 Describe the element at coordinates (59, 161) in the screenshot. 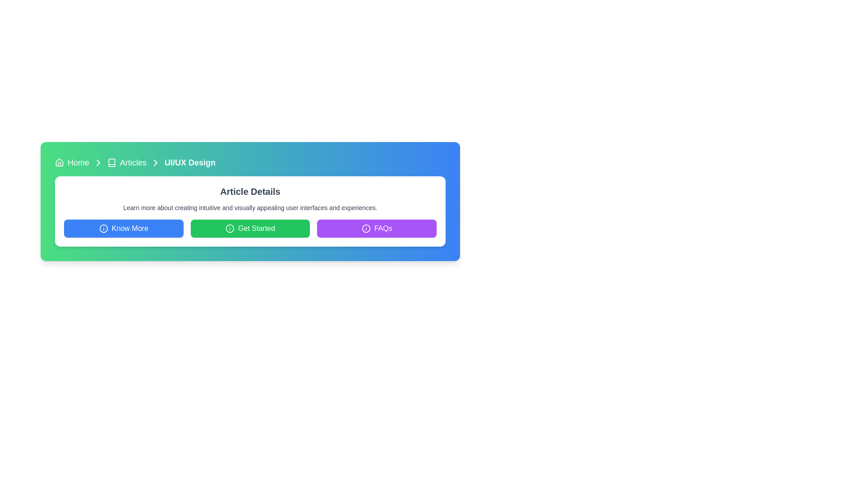

I see `the 'Home' icon located in the navigation bar at the far left, which serves as the first item in the breadcrumb sequence` at that location.